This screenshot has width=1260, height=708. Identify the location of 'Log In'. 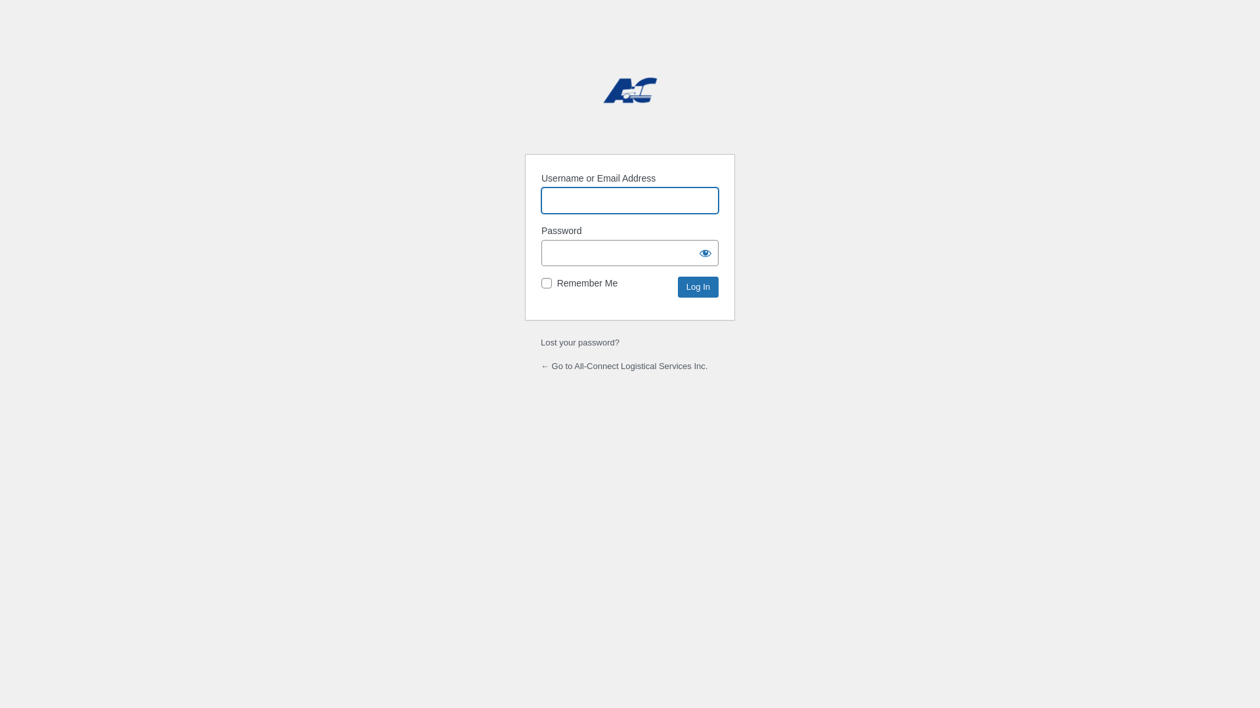
(677, 286).